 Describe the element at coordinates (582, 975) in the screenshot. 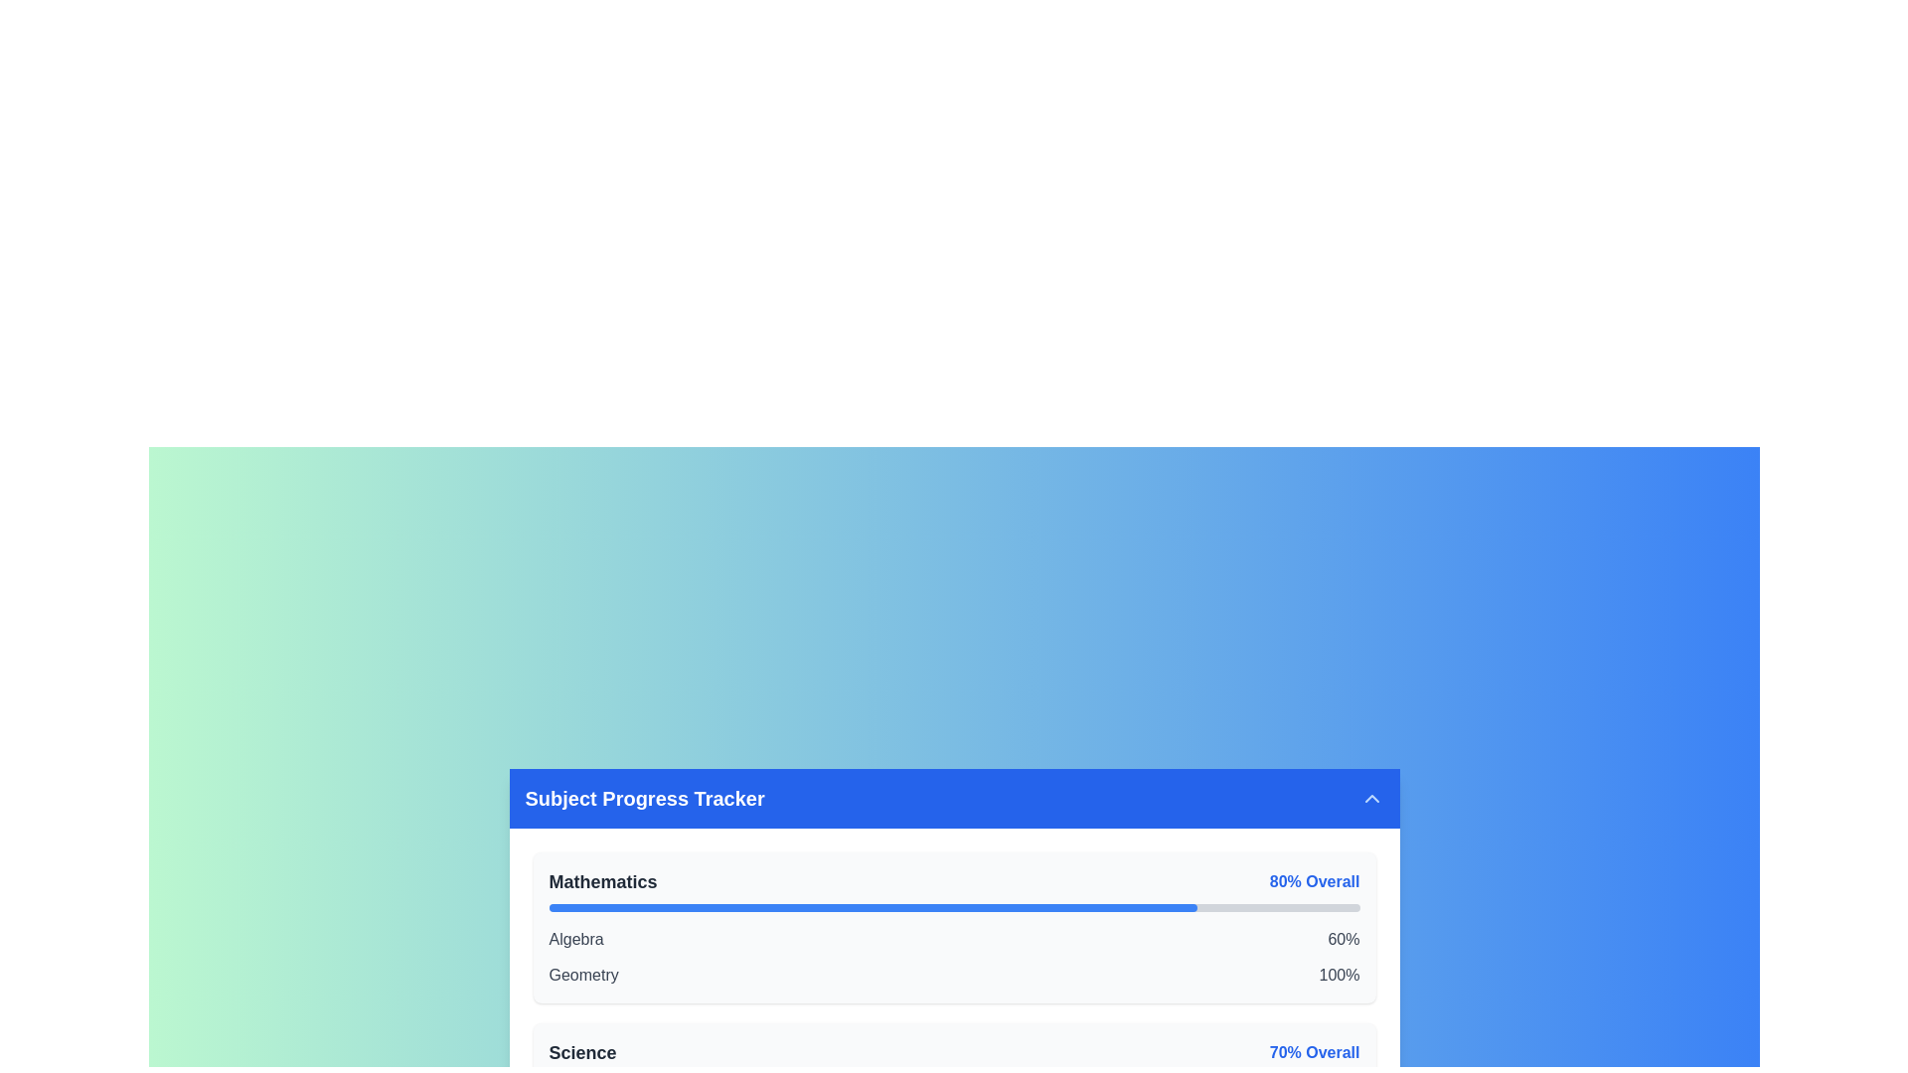

I see `the static text label displaying 'Geometry' in the 'Subject Progress Tracker' interface under the 'Mathematics' section` at that location.